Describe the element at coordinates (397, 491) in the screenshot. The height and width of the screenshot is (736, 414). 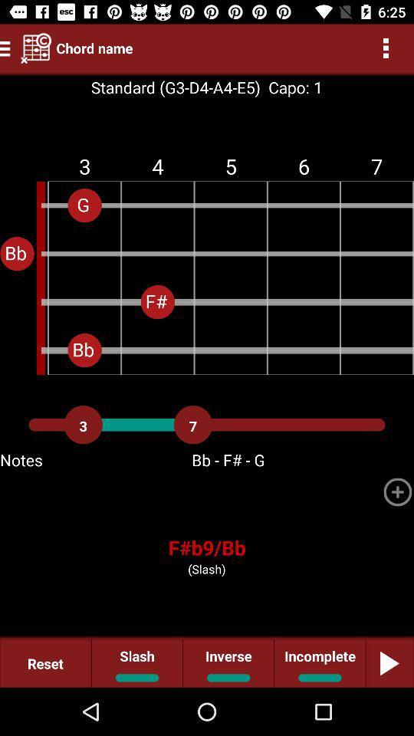
I see `the icon to the right of notes icon` at that location.